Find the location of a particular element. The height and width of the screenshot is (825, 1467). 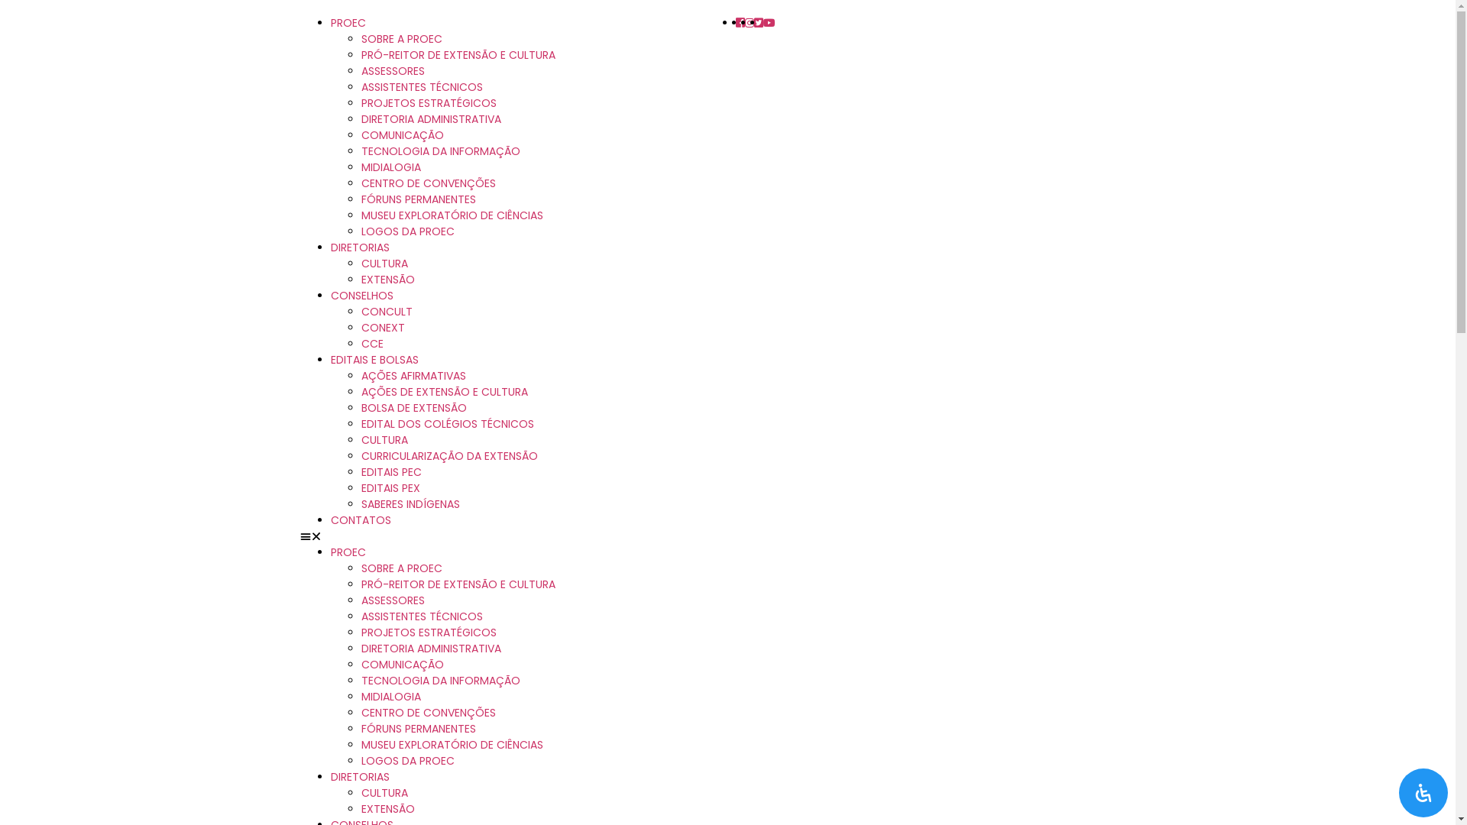

'SOBRE A PROEC' is located at coordinates (400, 568).